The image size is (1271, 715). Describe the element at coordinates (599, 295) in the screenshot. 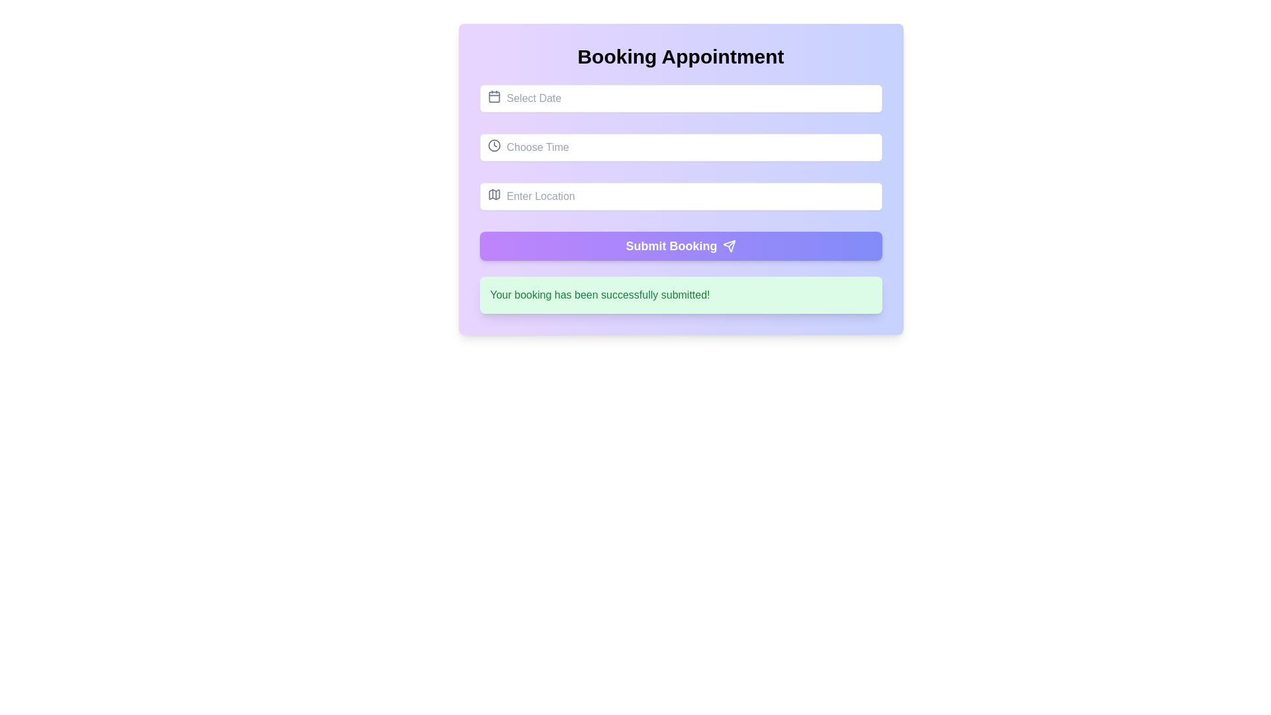

I see `confirmation message displayed in the static text area located at the center of the green notification box beneath the 'Submit Booking' button` at that location.